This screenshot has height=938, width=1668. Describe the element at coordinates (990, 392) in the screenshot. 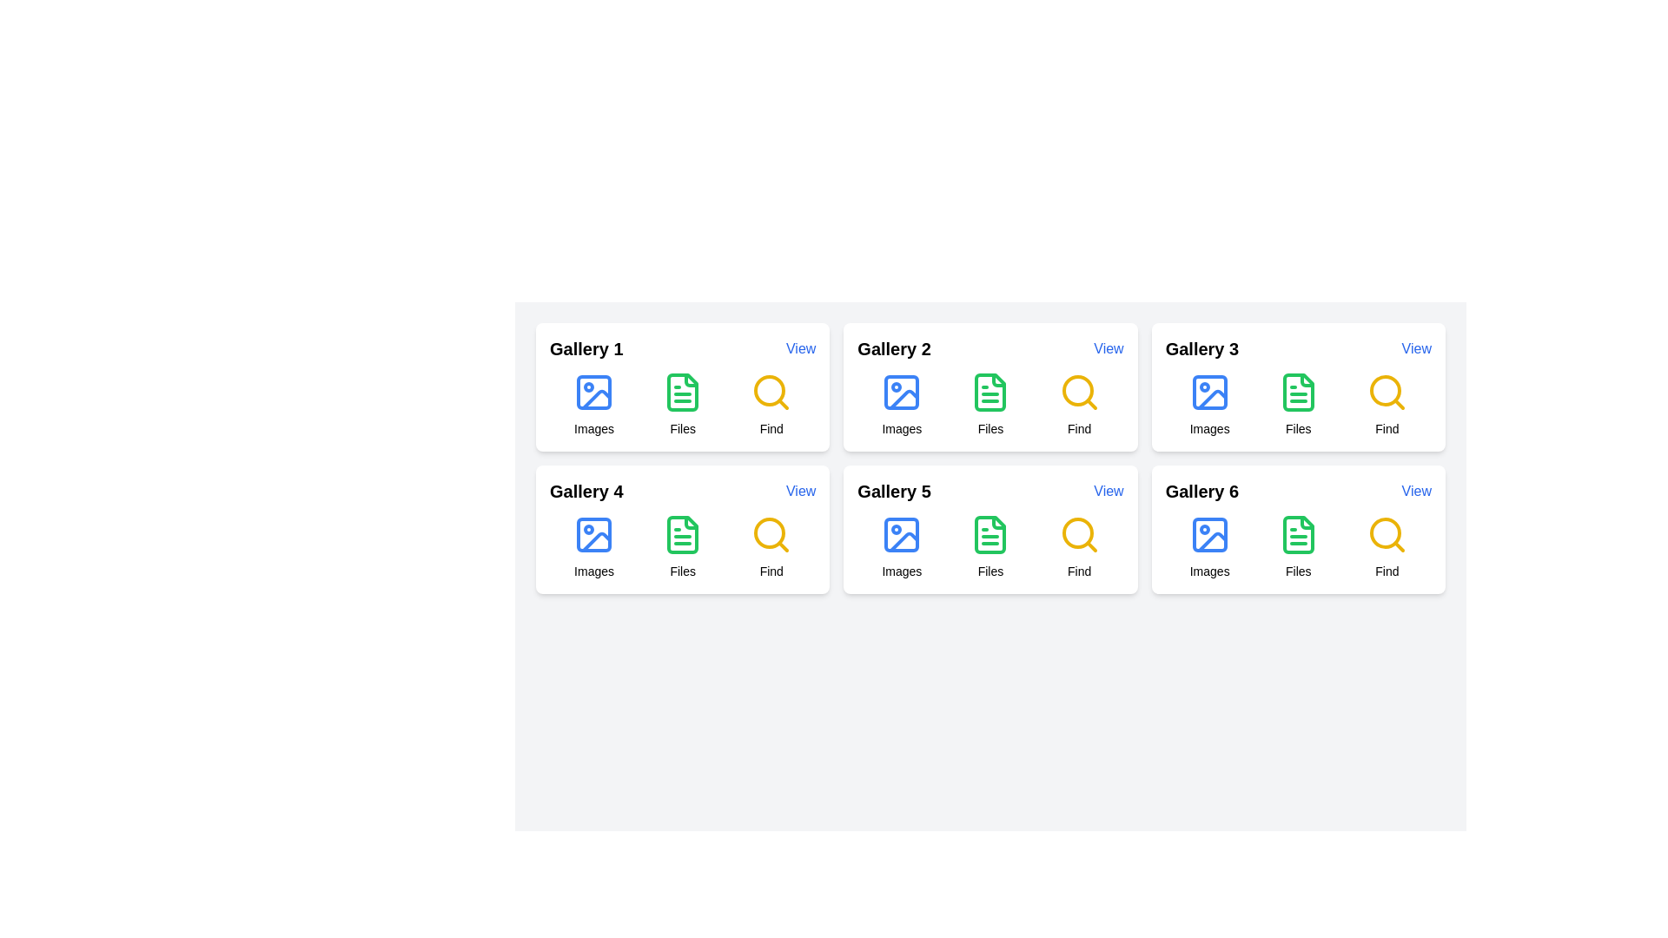

I see `the second icon in the row of three elements within the card titled 'Gallery 2', which serves as a visual indicator for file-related functionality` at that location.